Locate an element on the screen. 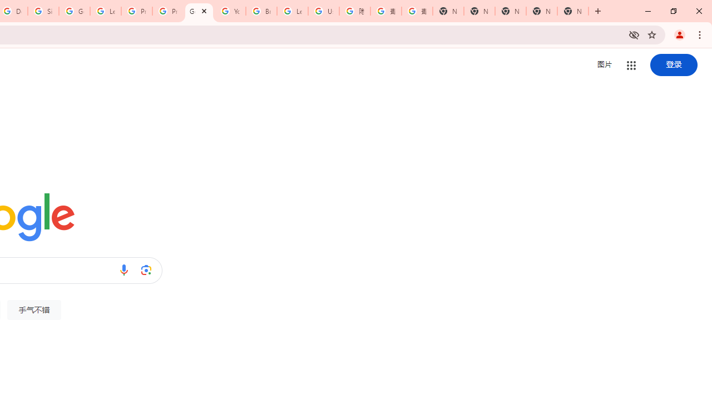 The width and height of the screenshot is (712, 400). 'Privacy Help Center - Policies Help' is located at coordinates (167, 11).